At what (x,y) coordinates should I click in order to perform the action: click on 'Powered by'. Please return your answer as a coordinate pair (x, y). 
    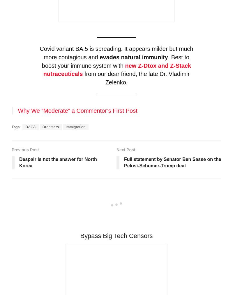
    Looking at the image, I should click on (28, 286).